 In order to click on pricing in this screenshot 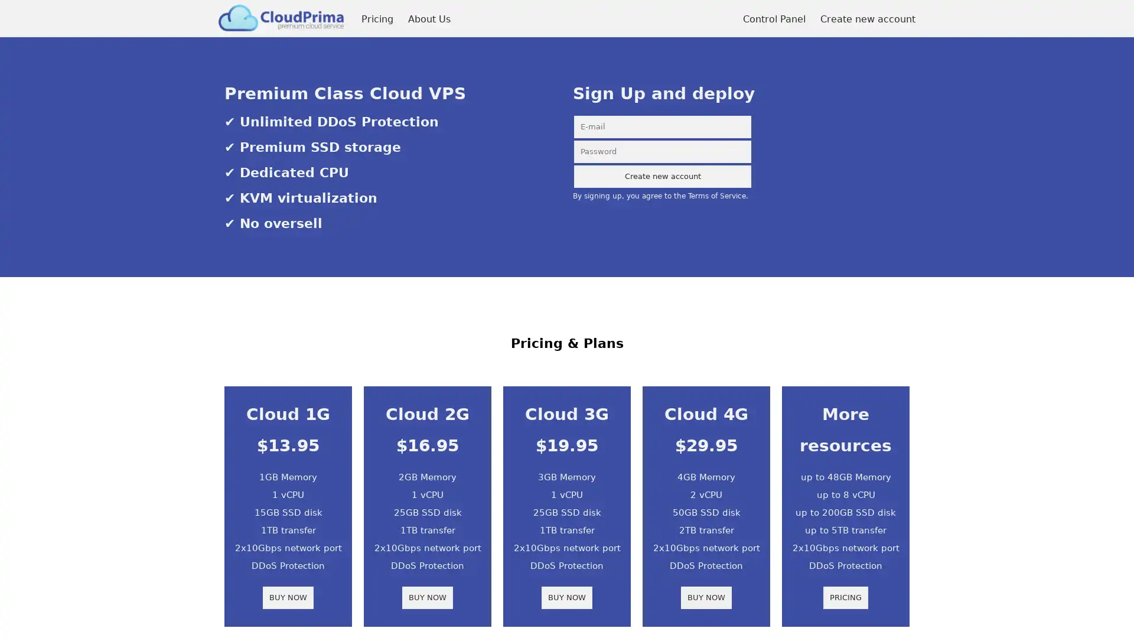, I will do `click(845, 597)`.